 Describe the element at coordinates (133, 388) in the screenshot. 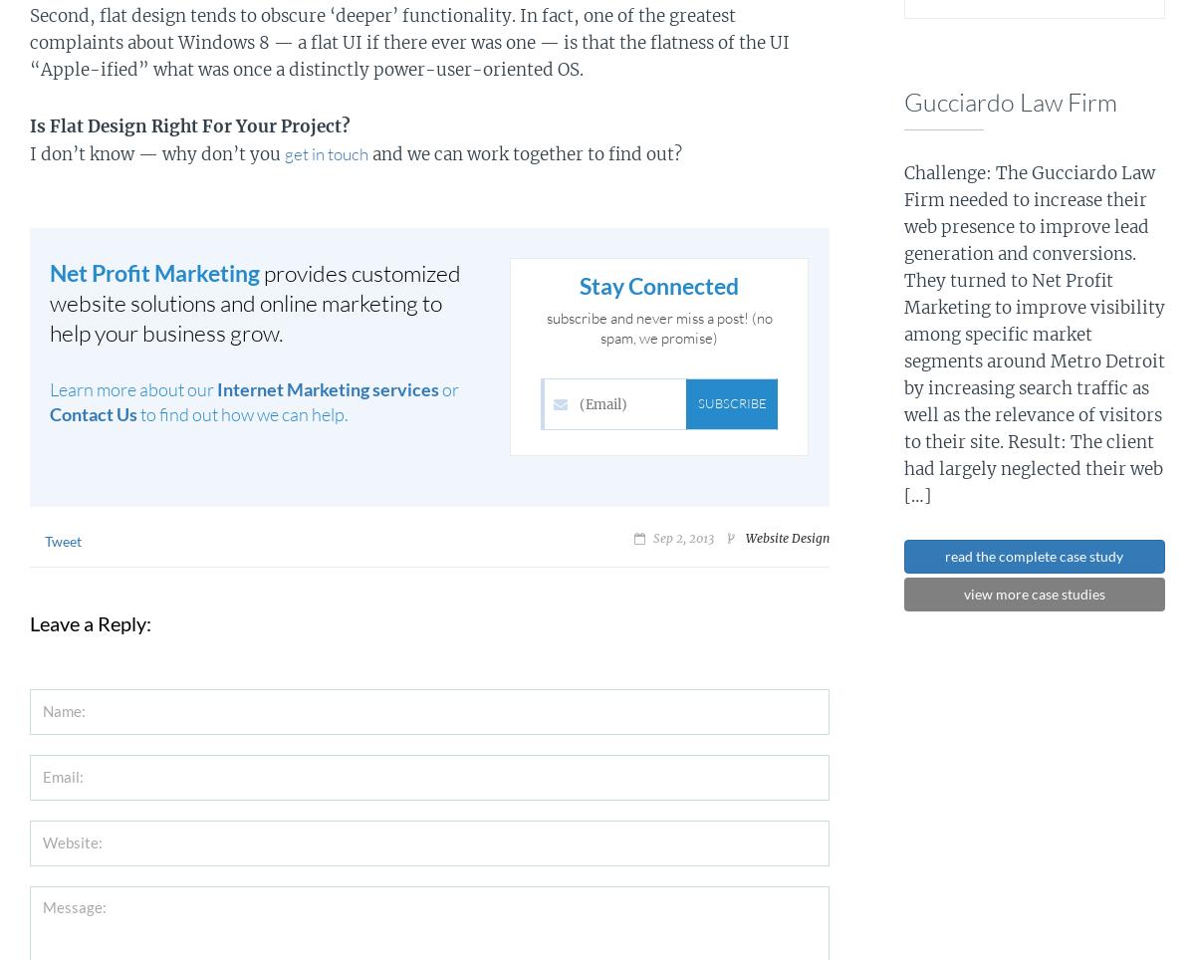

I see `'Learn more about our'` at that location.